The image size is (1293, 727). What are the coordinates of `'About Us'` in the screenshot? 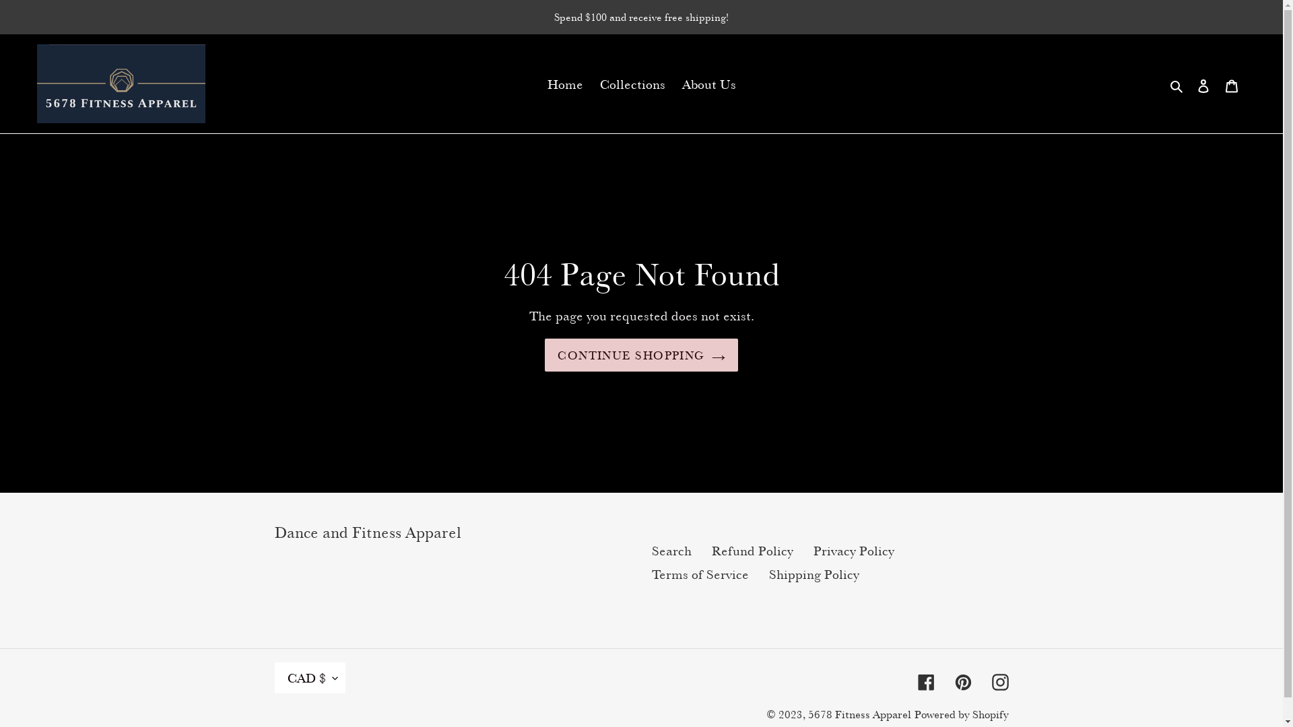 It's located at (675, 83).